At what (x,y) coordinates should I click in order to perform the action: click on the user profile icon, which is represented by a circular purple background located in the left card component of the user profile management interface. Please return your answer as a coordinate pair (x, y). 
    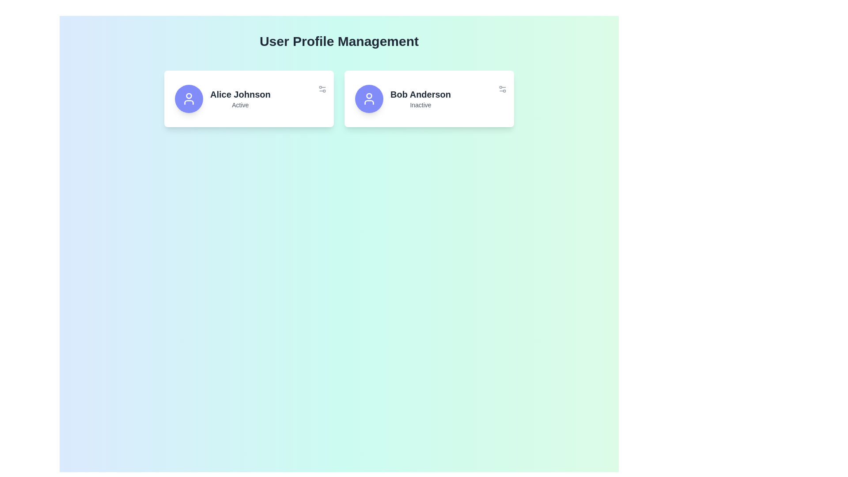
    Looking at the image, I should click on (188, 98).